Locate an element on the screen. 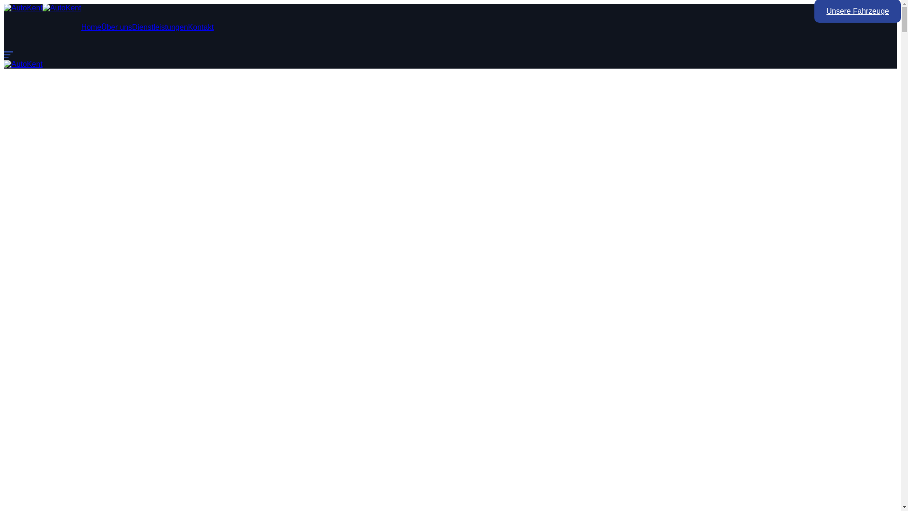  'Kontakt' is located at coordinates (188, 26).